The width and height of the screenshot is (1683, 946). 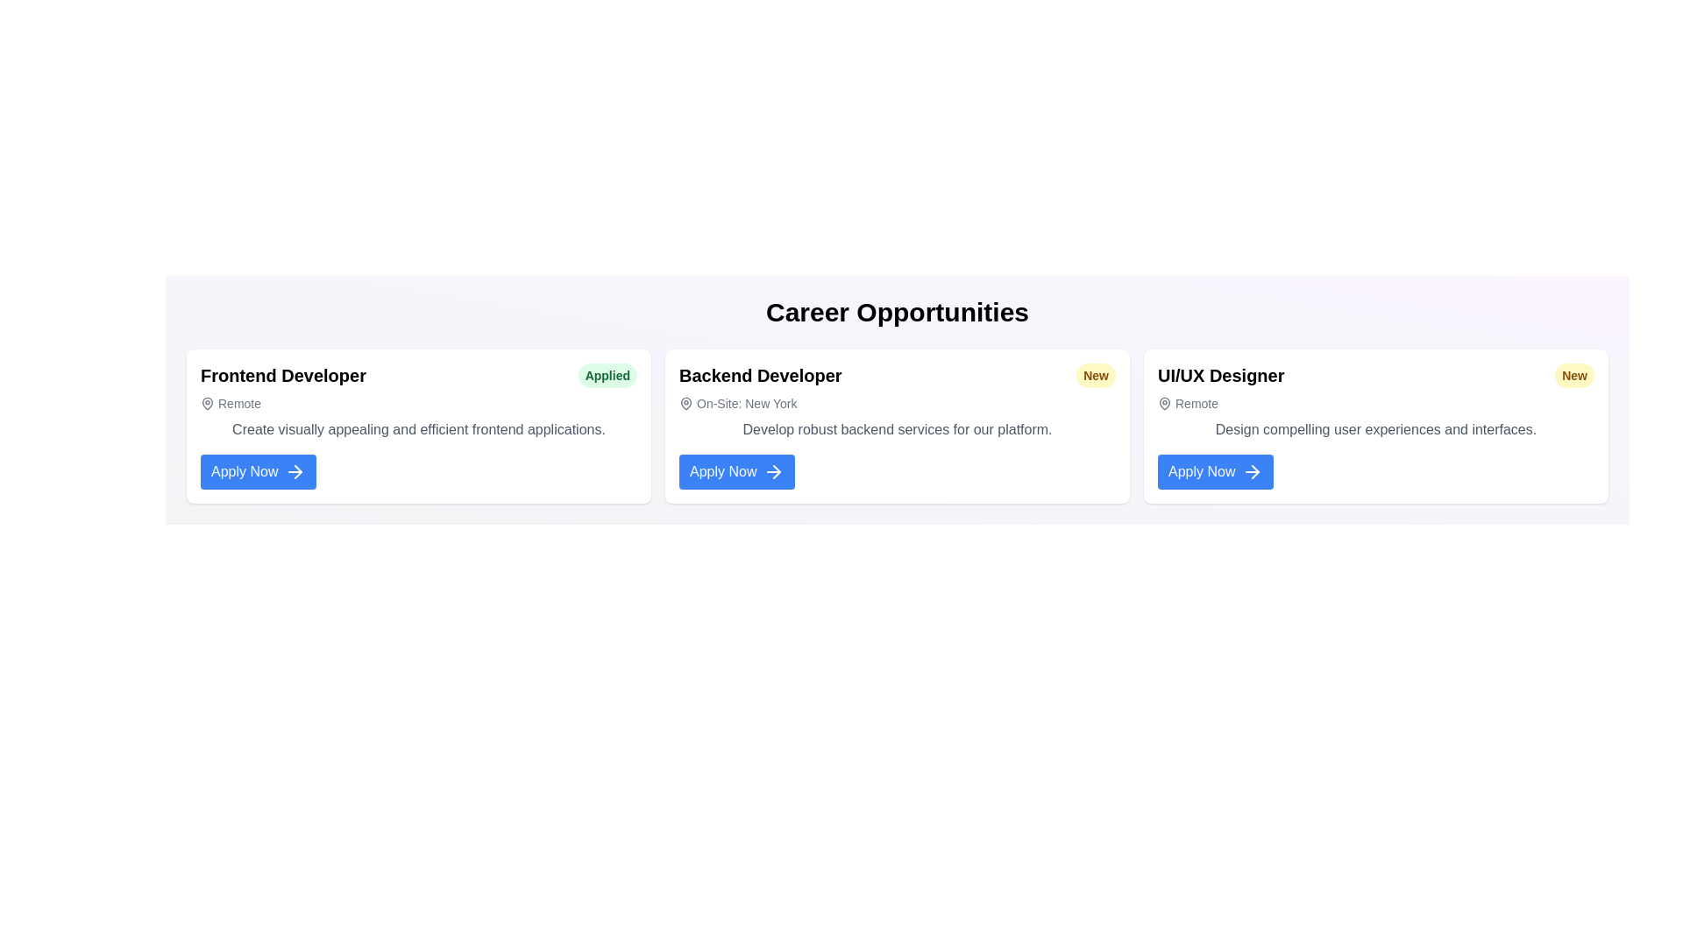 What do you see at coordinates (1165, 402) in the screenshot?
I see `the map pin SVG icon located to the left of the 'Remote' label in the 'UI/UX Designer' job posting box` at bounding box center [1165, 402].